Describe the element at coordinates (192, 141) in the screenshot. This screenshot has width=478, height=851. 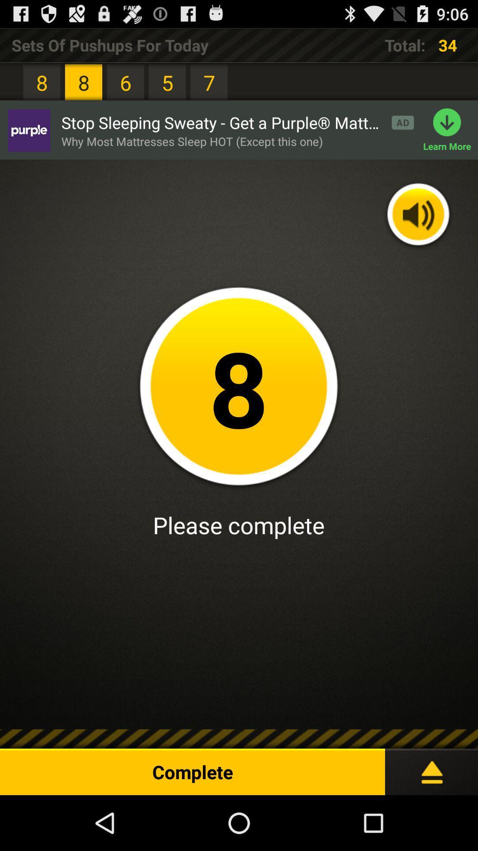
I see `app next to the learn more` at that location.